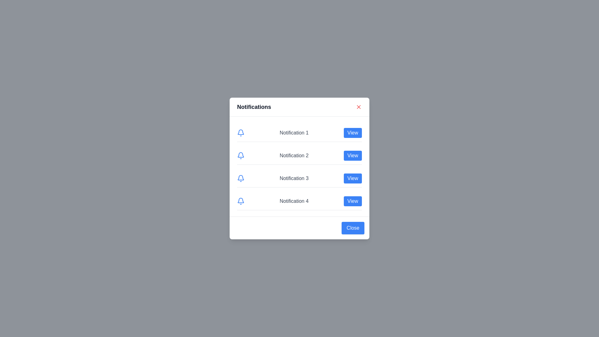 The width and height of the screenshot is (599, 337). What do you see at coordinates (353, 228) in the screenshot?
I see `the 'Close' button at the bottom of the dialog` at bounding box center [353, 228].